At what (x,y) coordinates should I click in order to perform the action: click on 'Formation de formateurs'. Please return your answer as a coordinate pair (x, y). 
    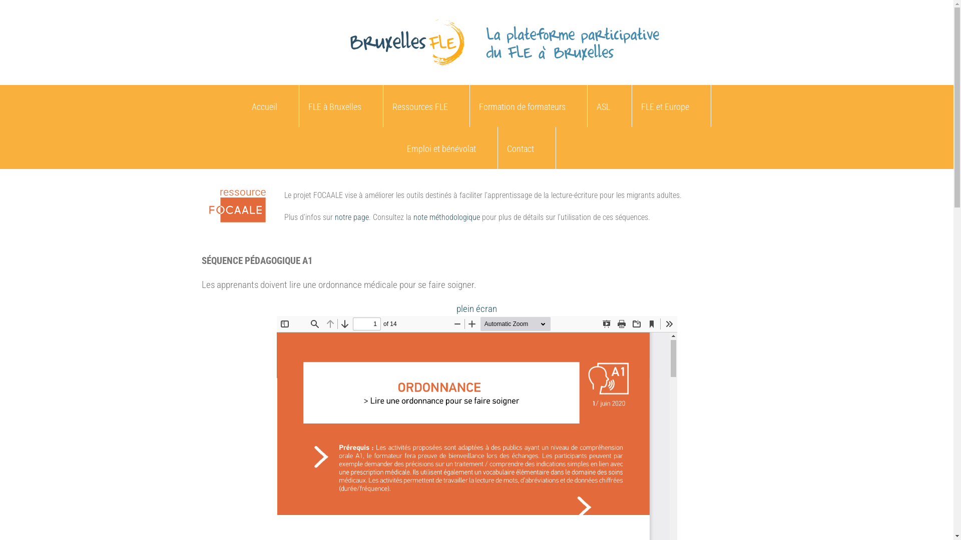
    Looking at the image, I should click on (521, 106).